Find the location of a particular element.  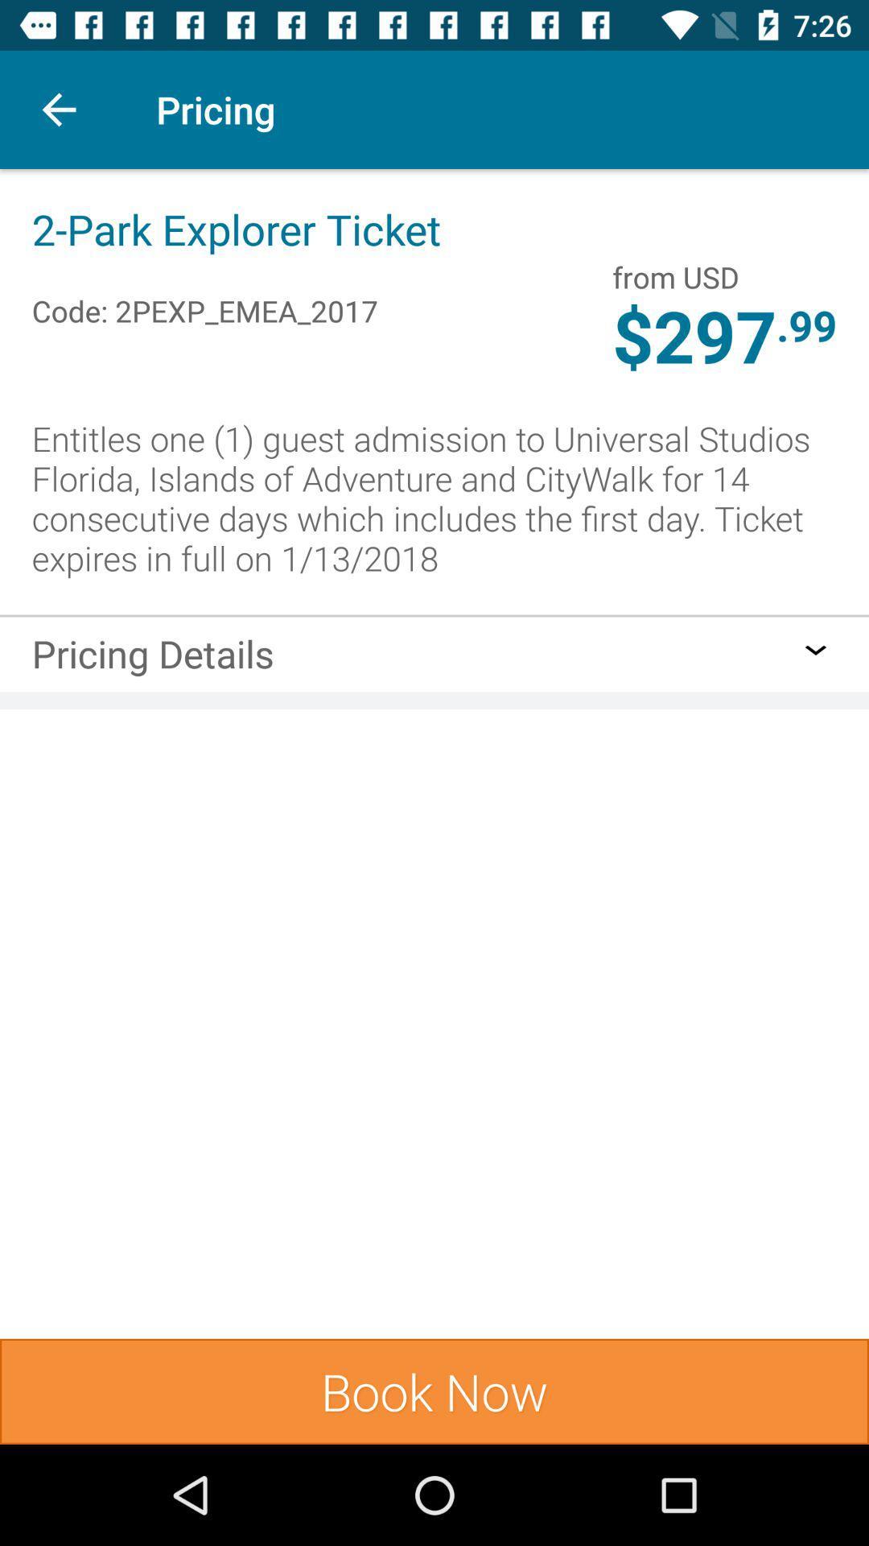

the icon next to .99 item is located at coordinates (676, 277).